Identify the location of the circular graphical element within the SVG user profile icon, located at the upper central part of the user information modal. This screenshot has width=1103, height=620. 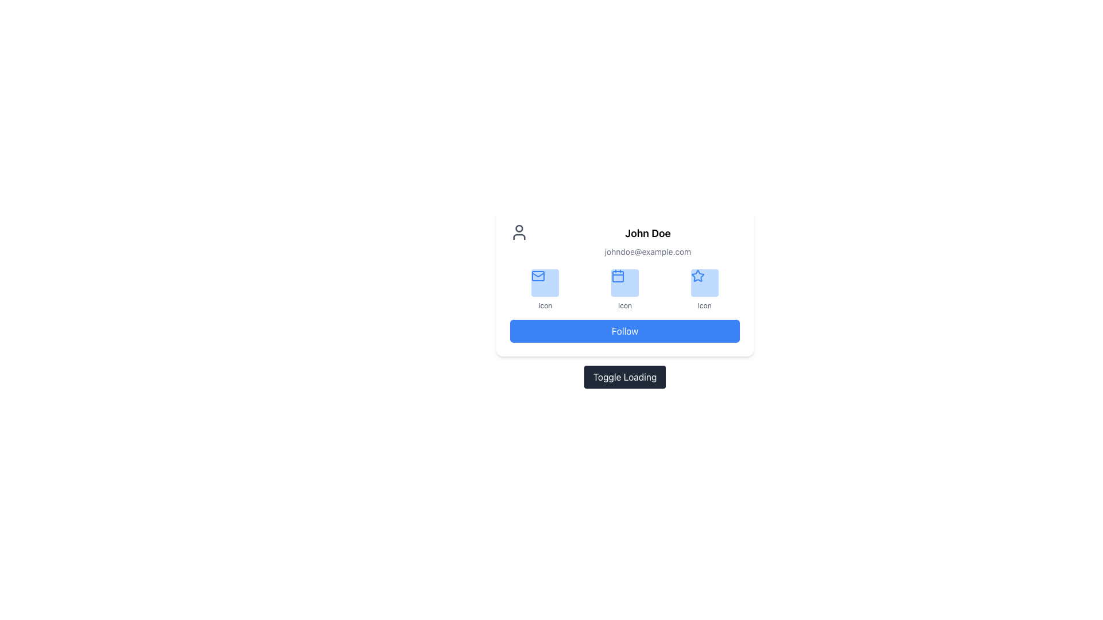
(518, 228).